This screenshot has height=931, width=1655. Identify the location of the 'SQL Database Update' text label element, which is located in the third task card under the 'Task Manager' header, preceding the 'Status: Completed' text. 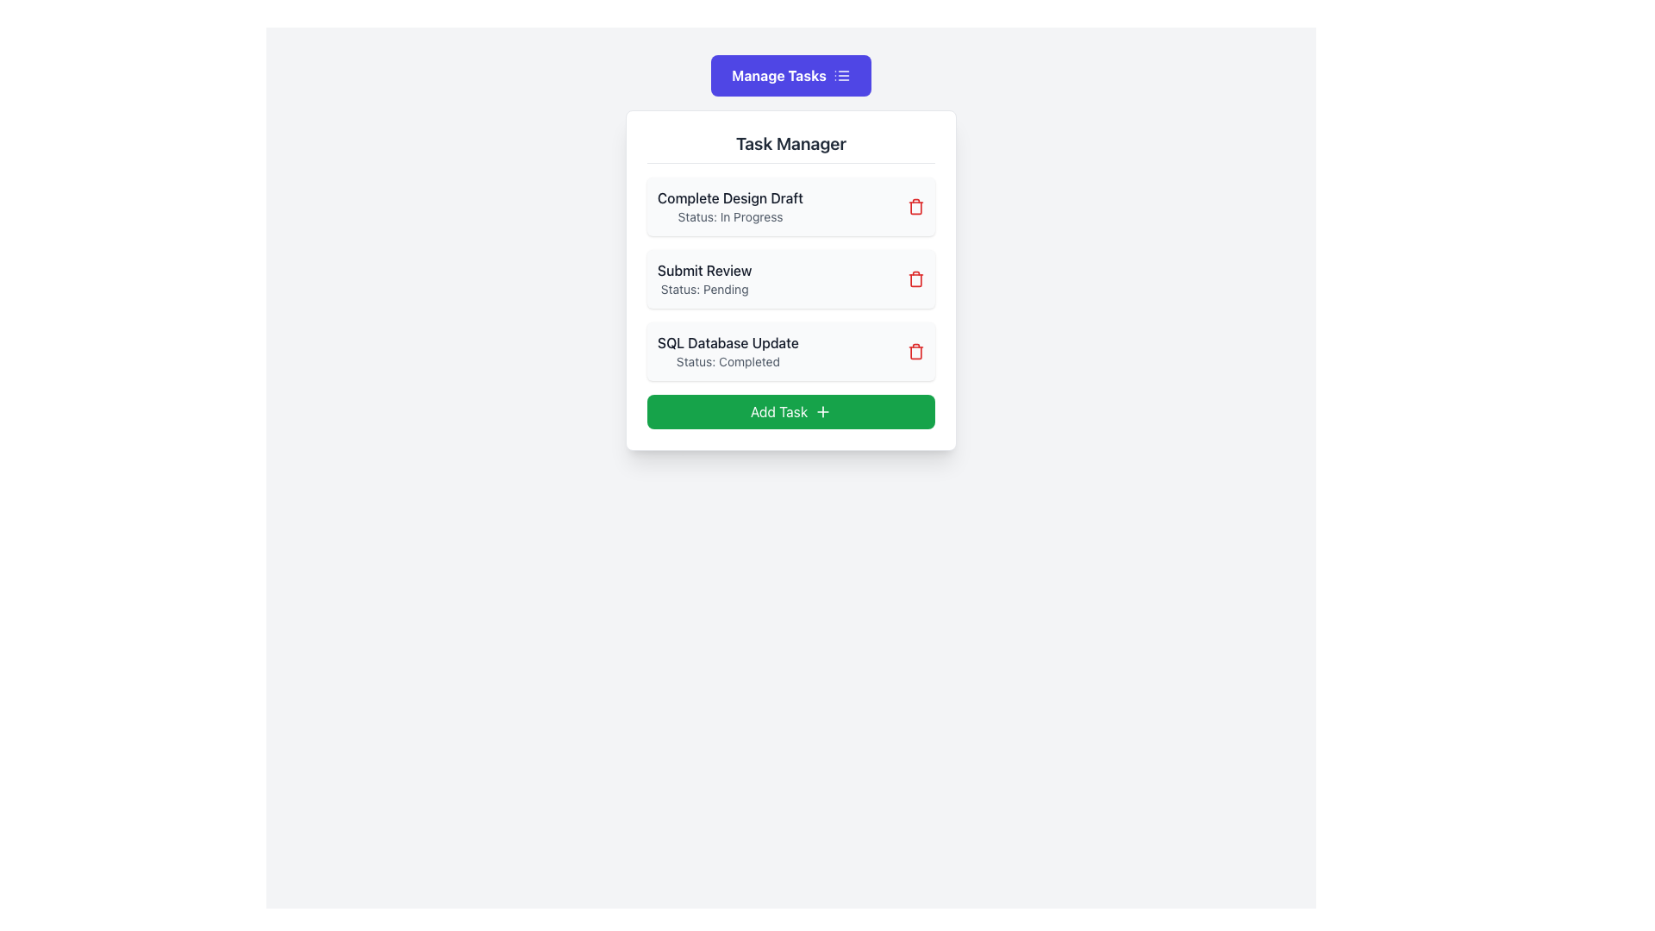
(728, 342).